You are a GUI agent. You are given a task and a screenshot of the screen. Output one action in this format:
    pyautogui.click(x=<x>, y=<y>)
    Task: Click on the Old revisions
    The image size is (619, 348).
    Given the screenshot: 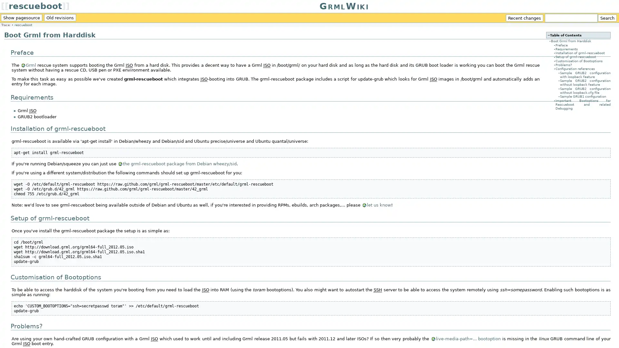 What is the action you would take?
    pyautogui.click(x=60, y=17)
    